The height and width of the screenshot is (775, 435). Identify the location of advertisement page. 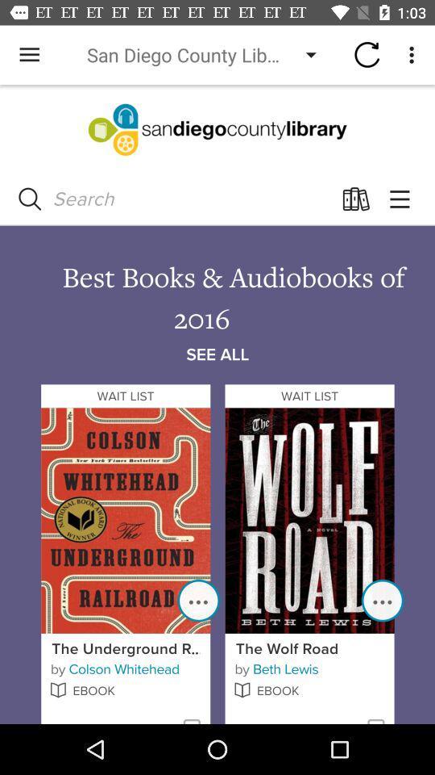
(217, 404).